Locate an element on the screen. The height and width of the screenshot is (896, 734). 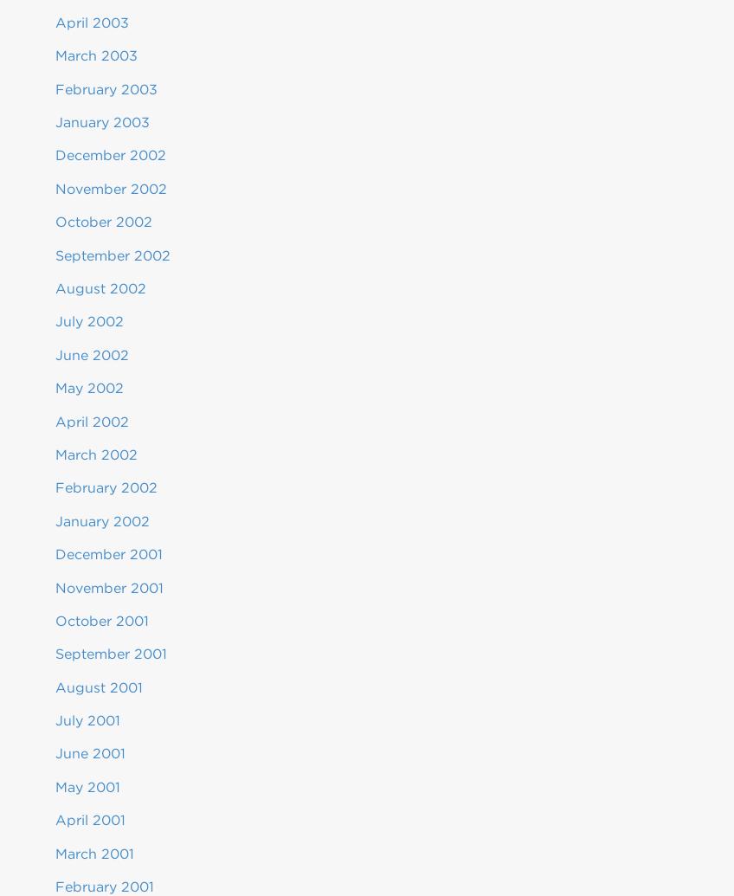
'September 2002' is located at coordinates (55, 255).